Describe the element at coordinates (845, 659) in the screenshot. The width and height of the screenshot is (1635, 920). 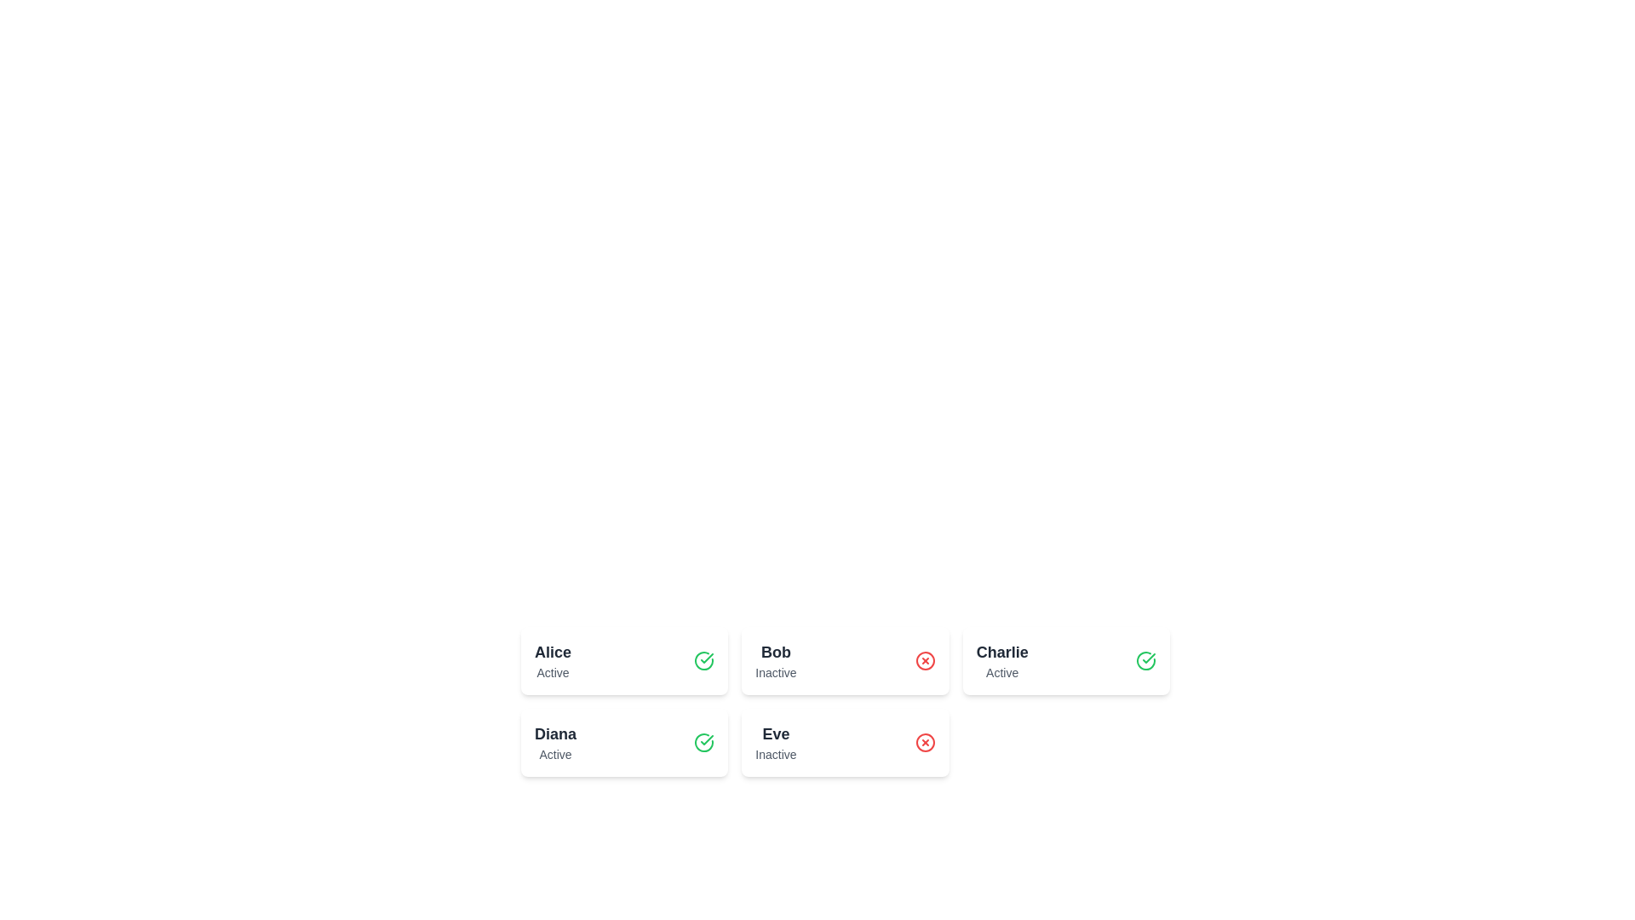
I see `contents of the Informational Card displaying 'Bob' with status 'Inactive', which is the second card in the top row of a 2x3 grid layout` at that location.